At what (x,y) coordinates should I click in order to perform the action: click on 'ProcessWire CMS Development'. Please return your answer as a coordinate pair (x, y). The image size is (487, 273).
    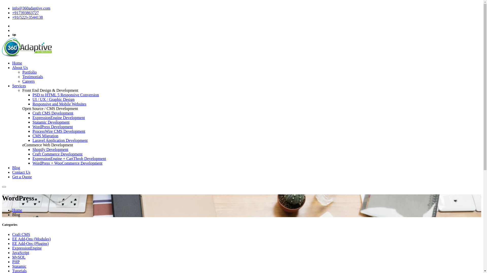
    Looking at the image, I should click on (32, 131).